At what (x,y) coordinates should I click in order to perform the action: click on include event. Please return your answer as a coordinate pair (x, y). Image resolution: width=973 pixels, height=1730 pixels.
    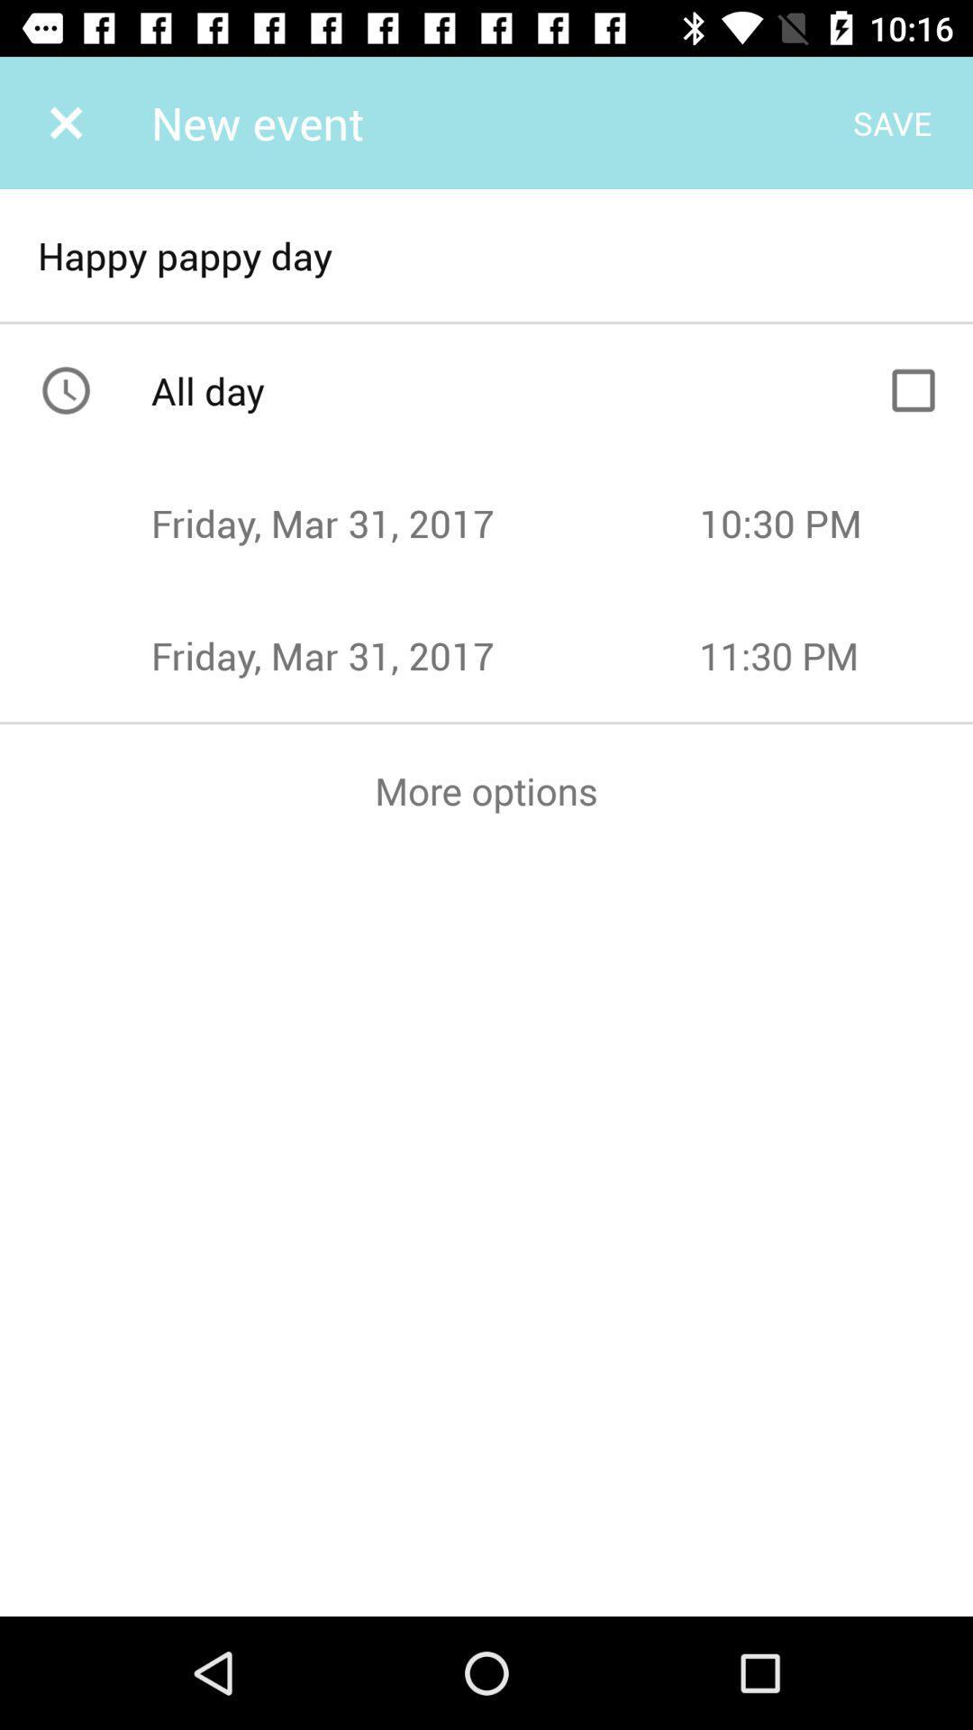
    Looking at the image, I should click on (914, 389).